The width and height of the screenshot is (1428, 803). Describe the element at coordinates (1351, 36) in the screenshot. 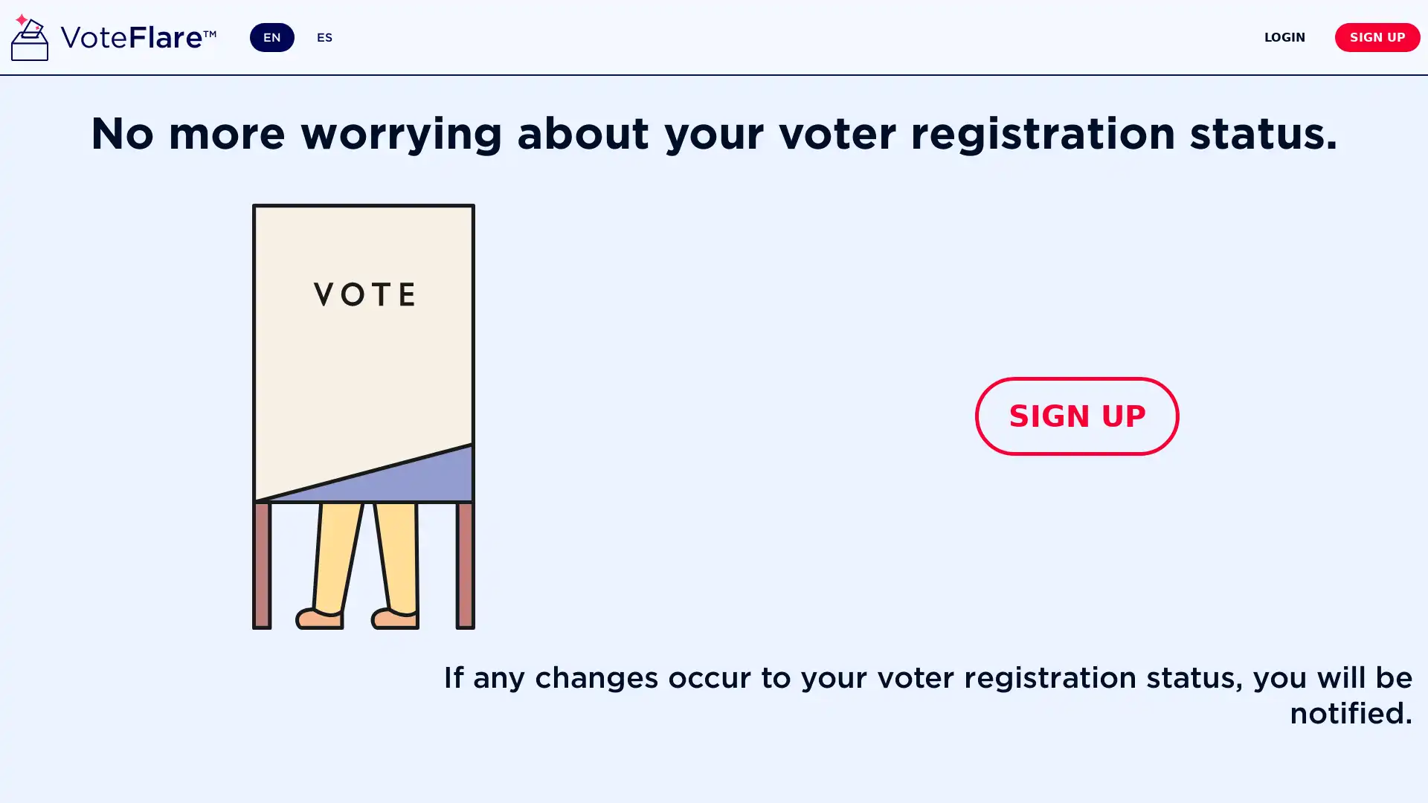

I see `SIGN UP` at that location.